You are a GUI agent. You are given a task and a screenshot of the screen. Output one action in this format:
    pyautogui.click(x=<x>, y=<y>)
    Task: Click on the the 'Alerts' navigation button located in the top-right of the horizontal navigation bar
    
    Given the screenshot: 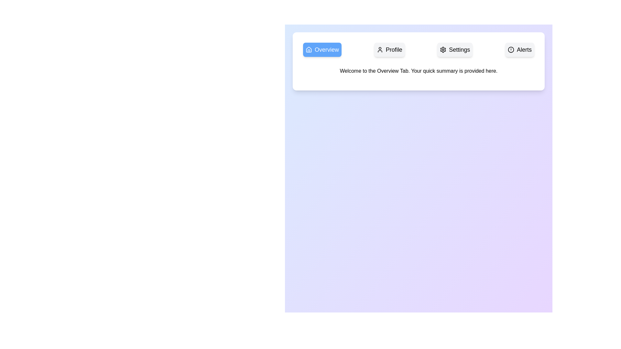 What is the action you would take?
    pyautogui.click(x=520, y=49)
    